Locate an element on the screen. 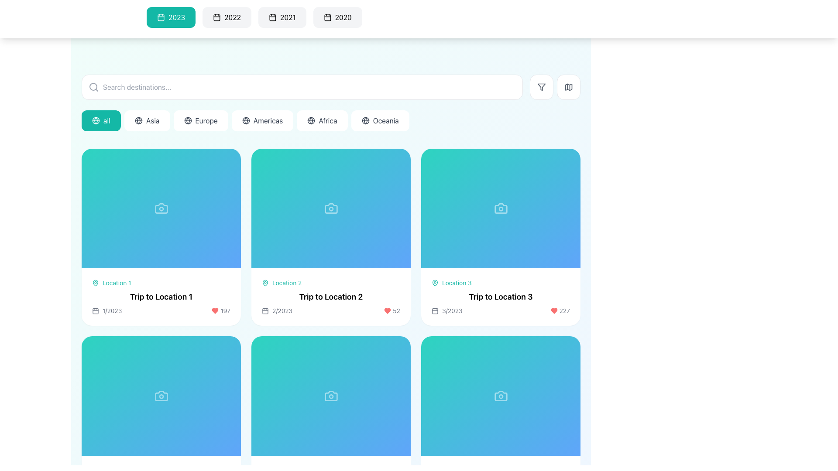 This screenshot has height=471, width=838. the camera icon, which is a small camera symbol positioned centrally within a blue gradient rectangular card in the lower-right card of a grid of four cards is located at coordinates (501, 396).